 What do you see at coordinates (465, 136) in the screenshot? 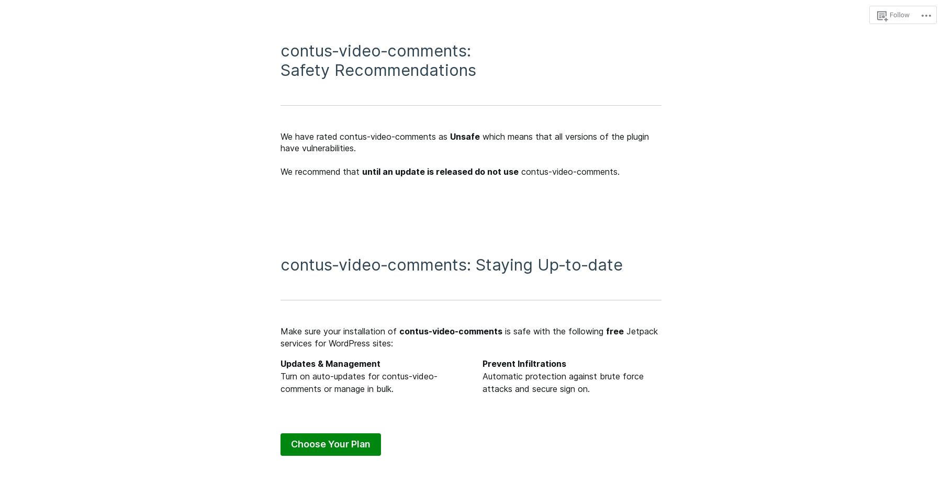
I see `'Unsafe'` at bounding box center [465, 136].